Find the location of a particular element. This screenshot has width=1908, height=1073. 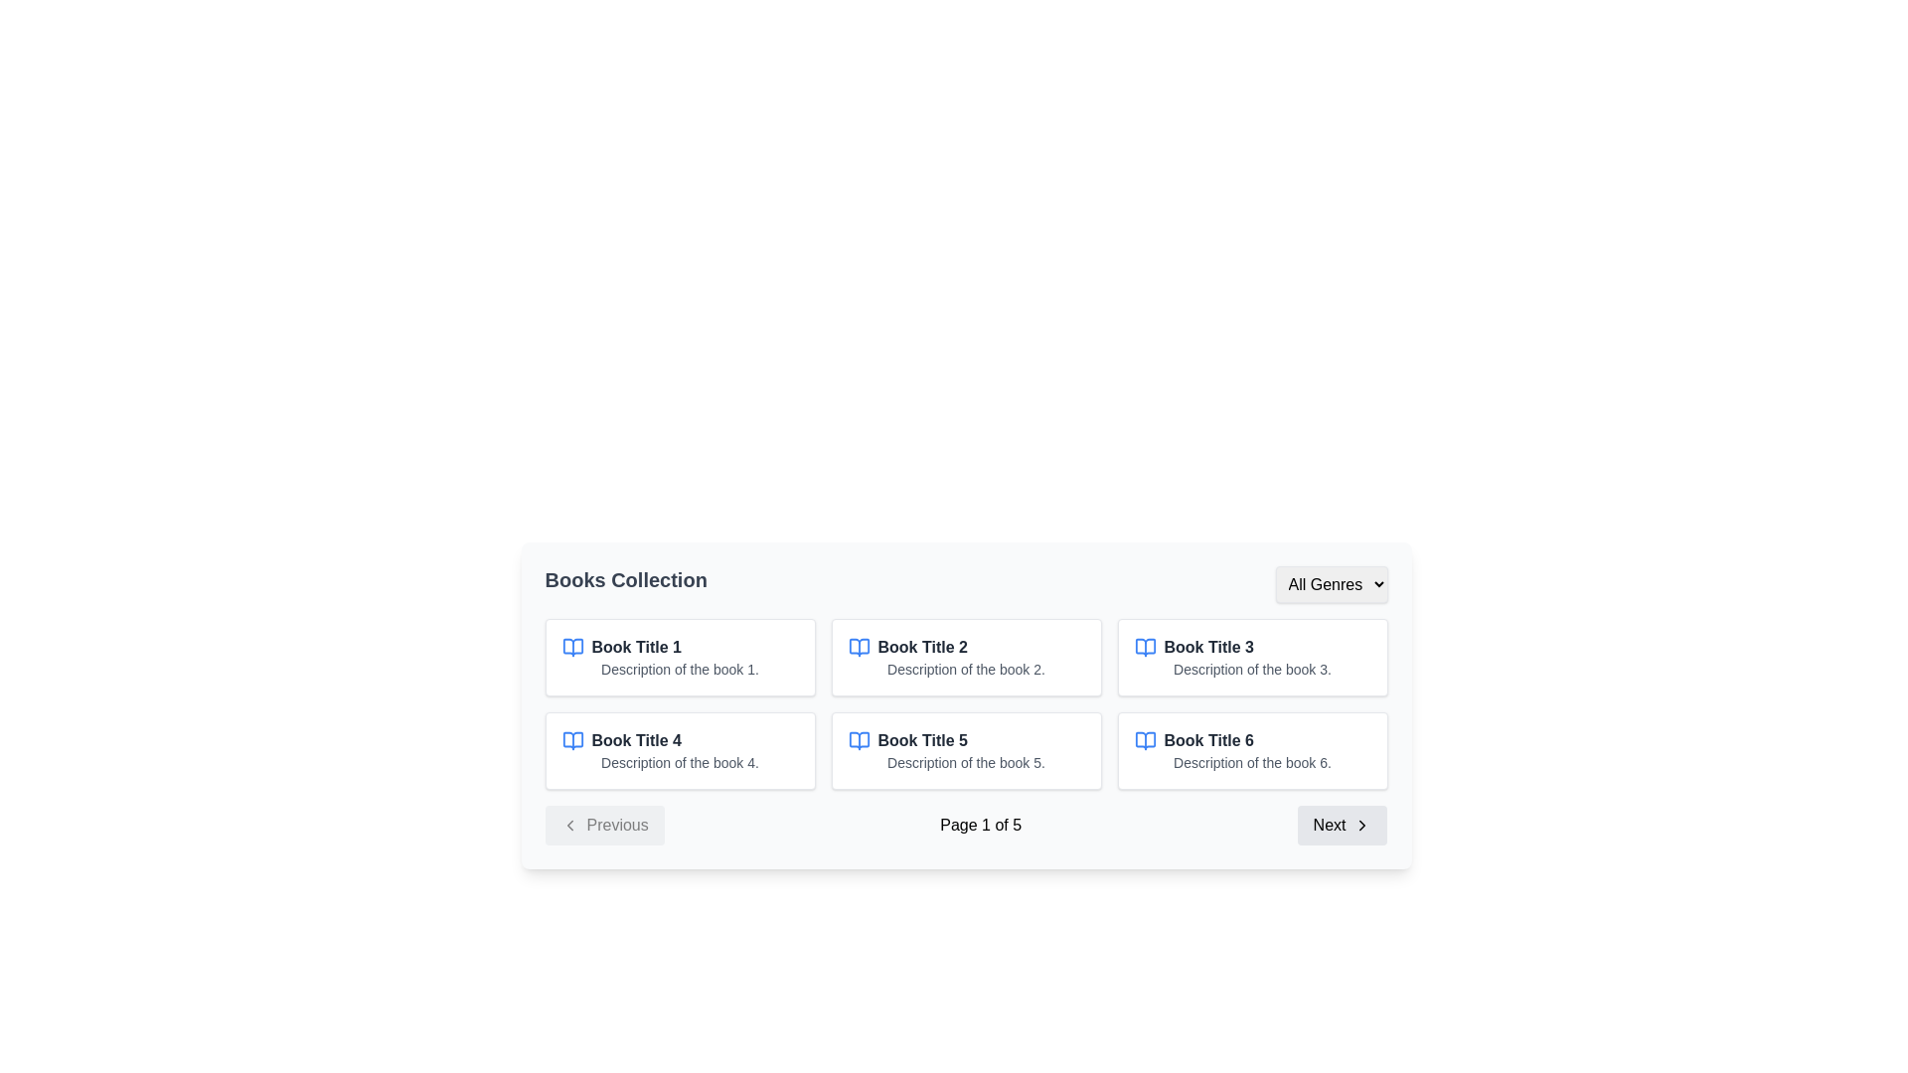

the text label that serves as the title or header for the section indicating content related to a collection of books is located at coordinates (625, 583).